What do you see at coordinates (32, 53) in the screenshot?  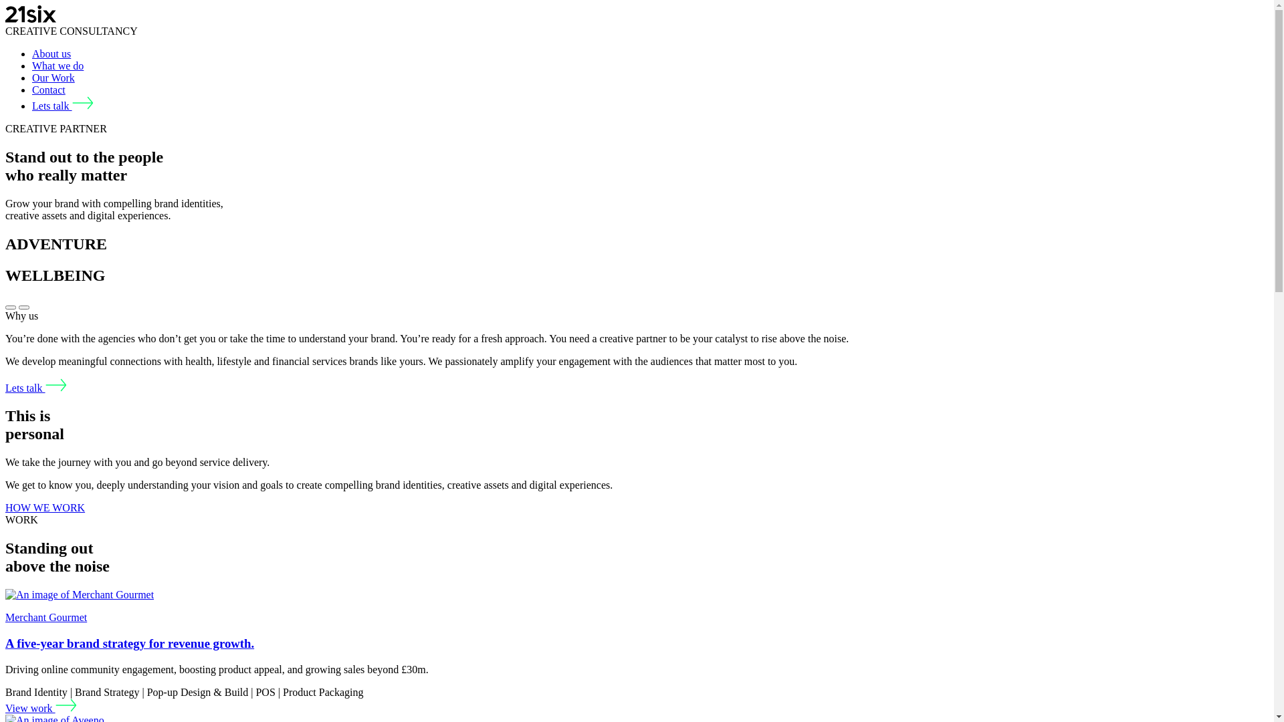 I see `'About us'` at bounding box center [32, 53].